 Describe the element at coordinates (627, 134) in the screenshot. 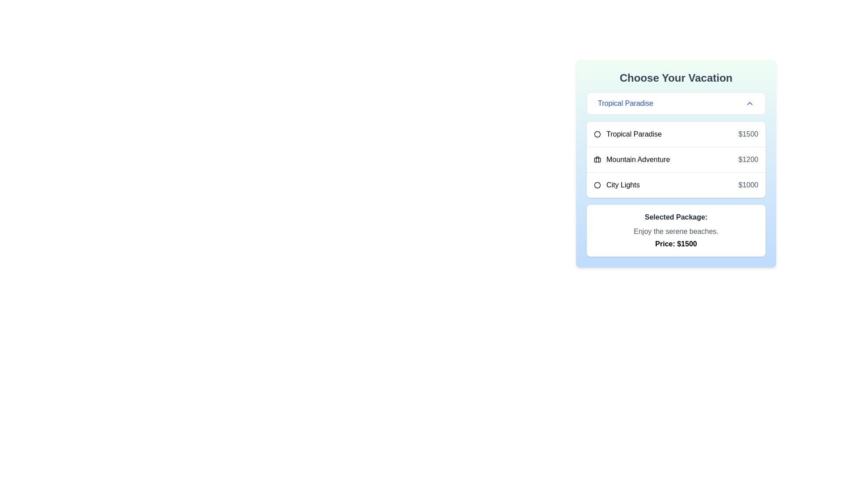

I see `the text label displaying the name of a vacation package option, which is part of a selectable list item` at that location.